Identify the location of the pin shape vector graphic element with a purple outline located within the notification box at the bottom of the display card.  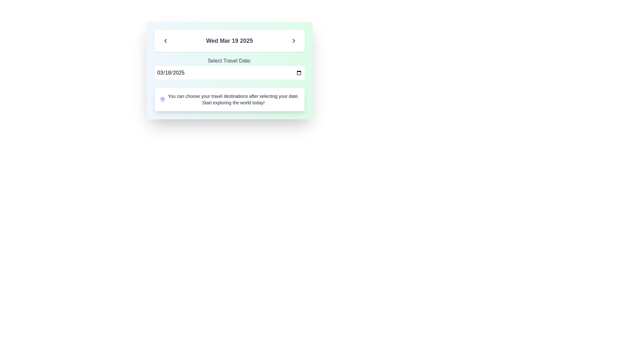
(162, 99).